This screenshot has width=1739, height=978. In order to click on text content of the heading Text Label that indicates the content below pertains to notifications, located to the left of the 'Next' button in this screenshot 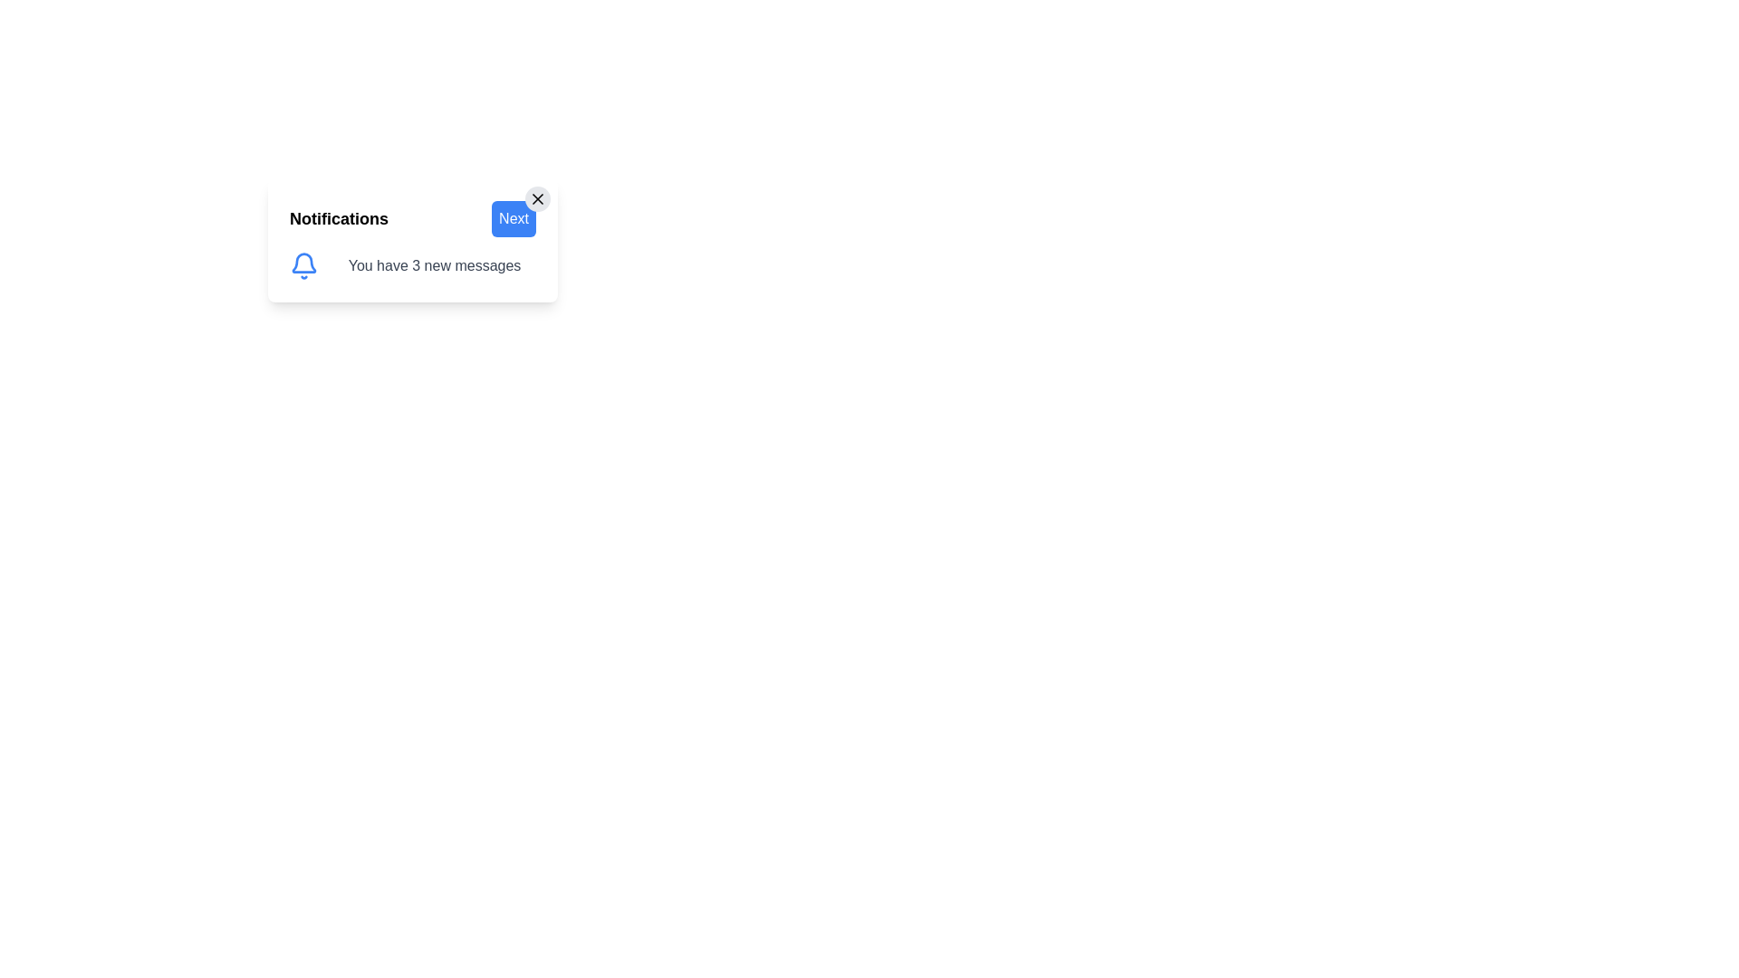, I will do `click(339, 218)`.